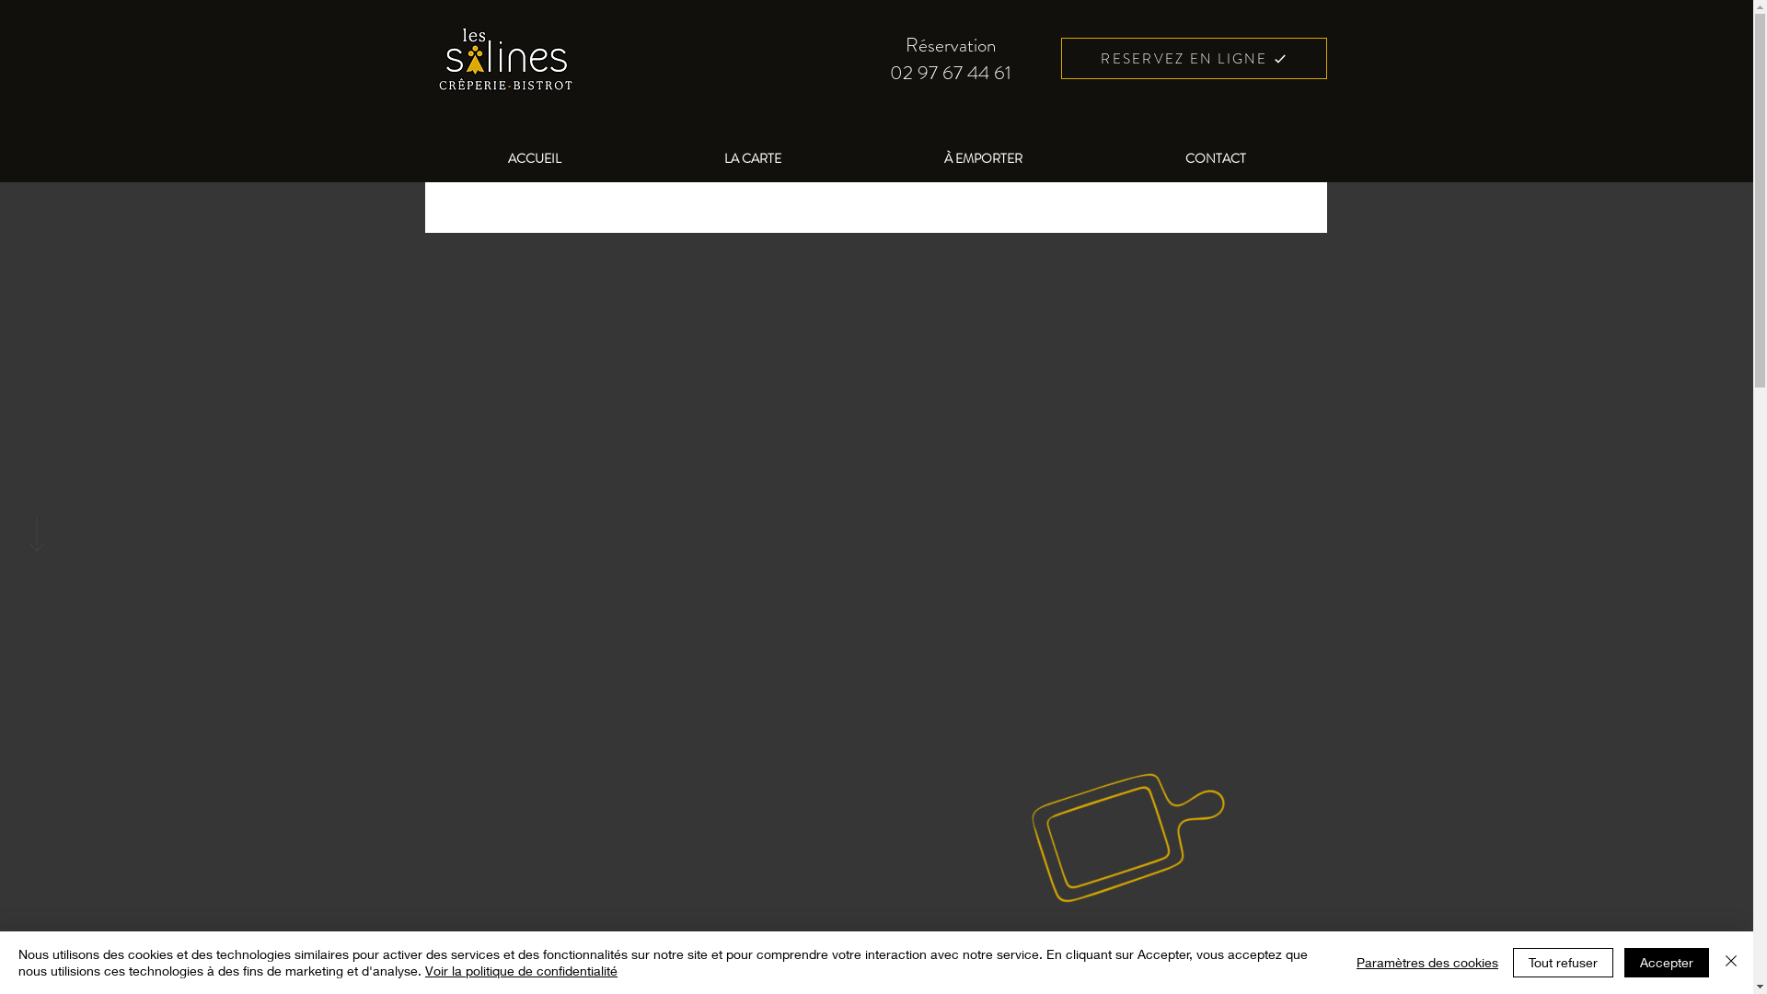  Describe the element at coordinates (752, 157) in the screenshot. I see `'LA CARTE'` at that location.